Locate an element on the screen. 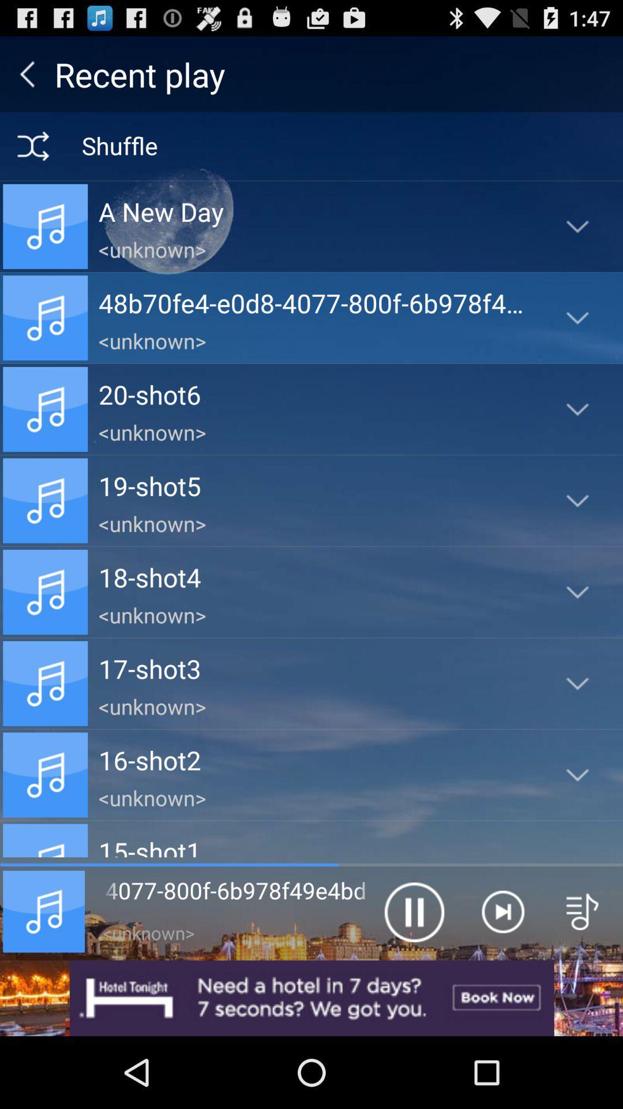 Image resolution: width=623 pixels, height=1109 pixels. the pause icon is located at coordinates (413, 975).